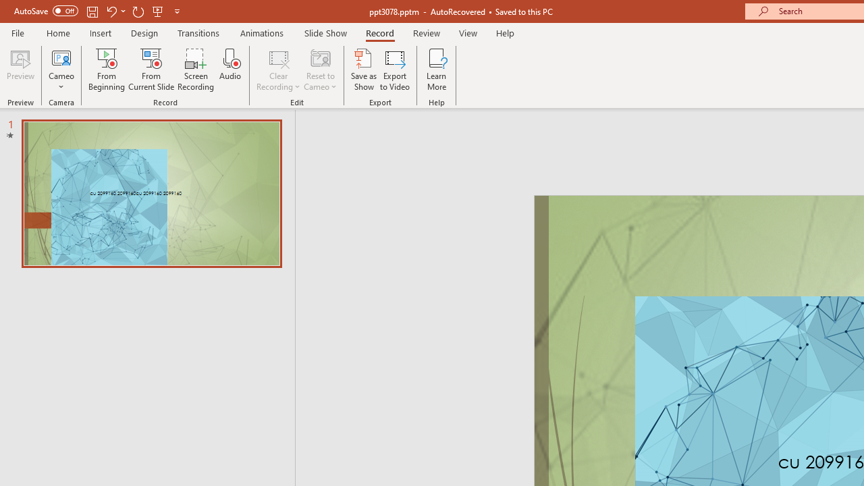 This screenshot has width=864, height=486. Describe the element at coordinates (425, 32) in the screenshot. I see `'Review'` at that location.